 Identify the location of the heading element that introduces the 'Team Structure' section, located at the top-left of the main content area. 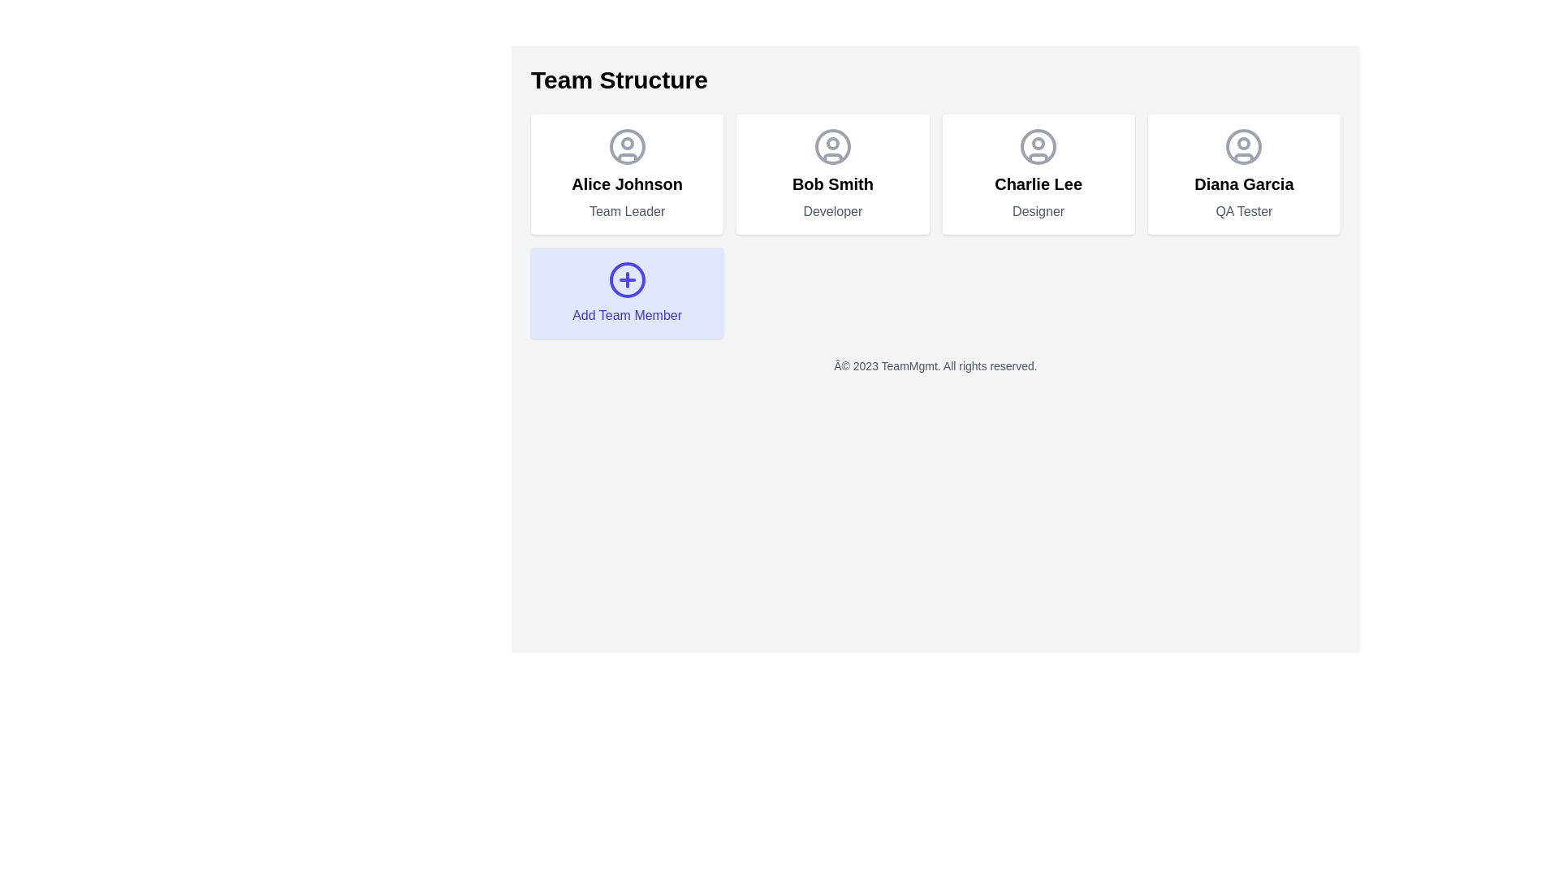
(619, 80).